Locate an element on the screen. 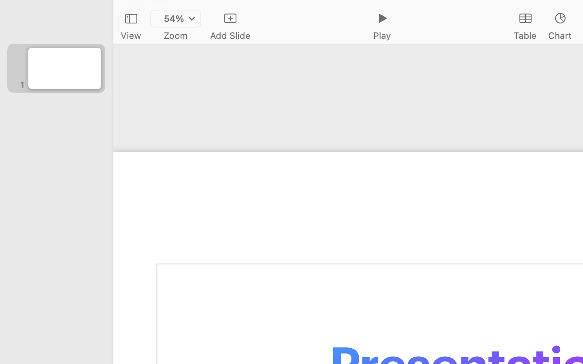  'Zoom' is located at coordinates (176, 35).